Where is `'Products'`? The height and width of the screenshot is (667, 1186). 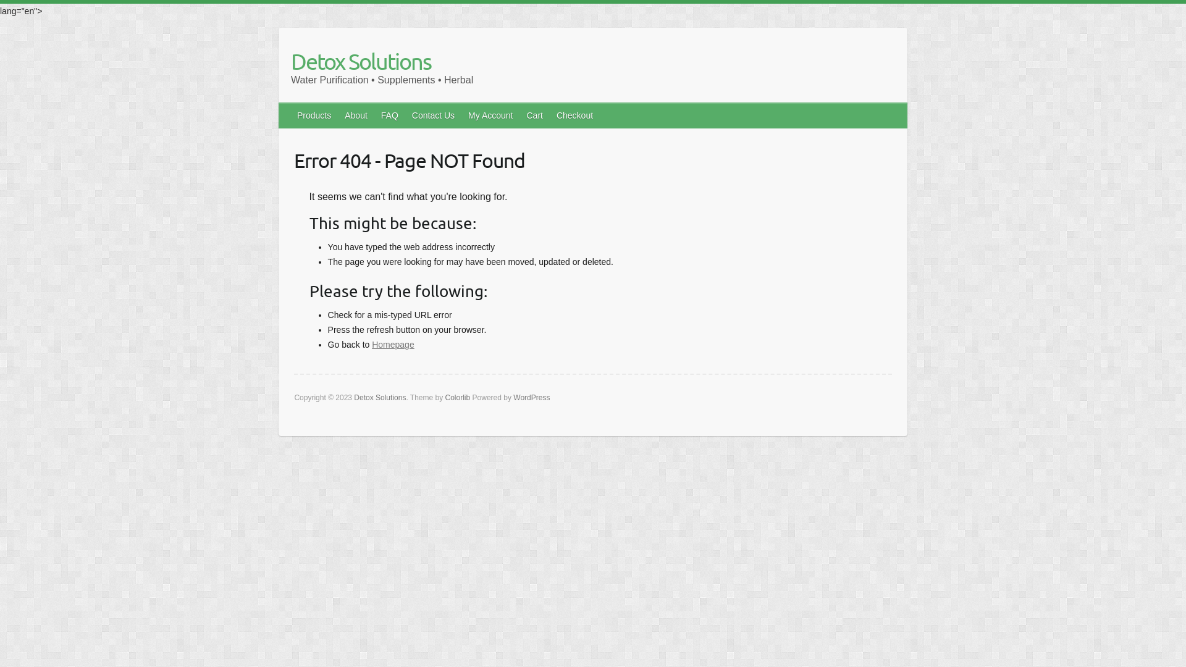
'Products' is located at coordinates (314, 115).